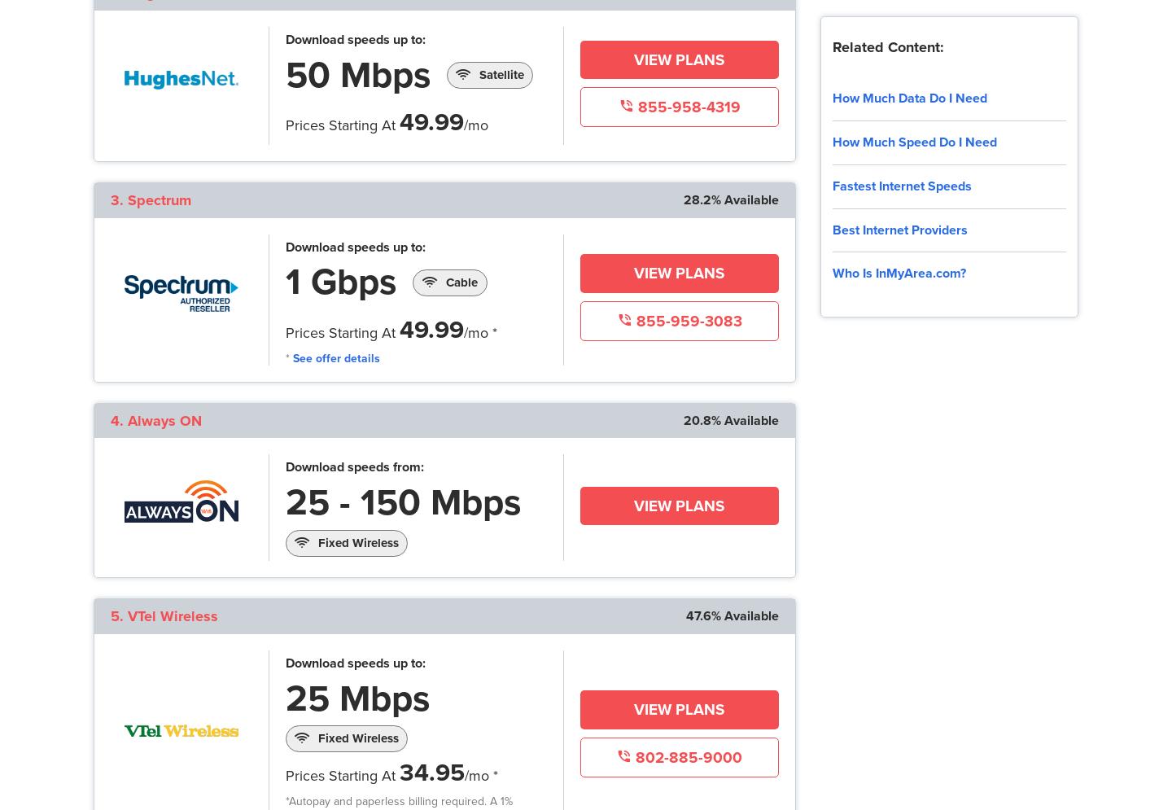 The image size is (1172, 810). Describe the element at coordinates (685, 757) in the screenshot. I see `'802-885-9000'` at that location.